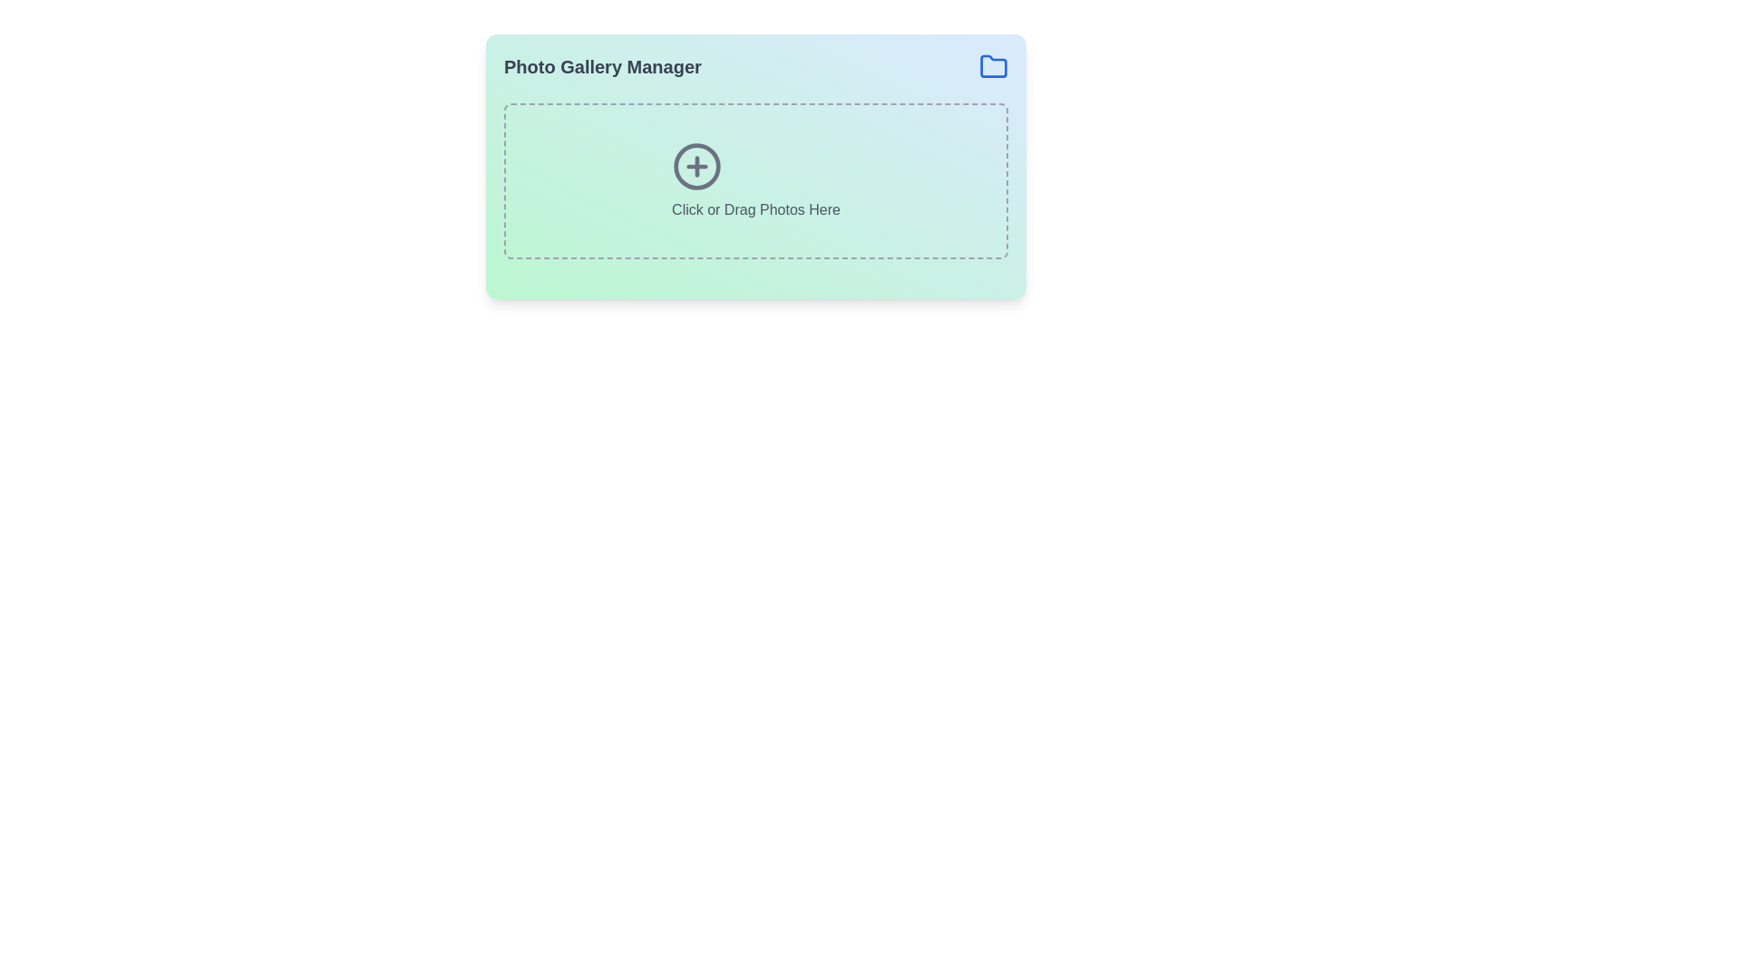 The image size is (1741, 979). Describe the element at coordinates (696, 167) in the screenshot. I see `the upload icon with a plus sign located at the center of the interactive area beneath the 'Photo Gallery Manager' title` at that location.